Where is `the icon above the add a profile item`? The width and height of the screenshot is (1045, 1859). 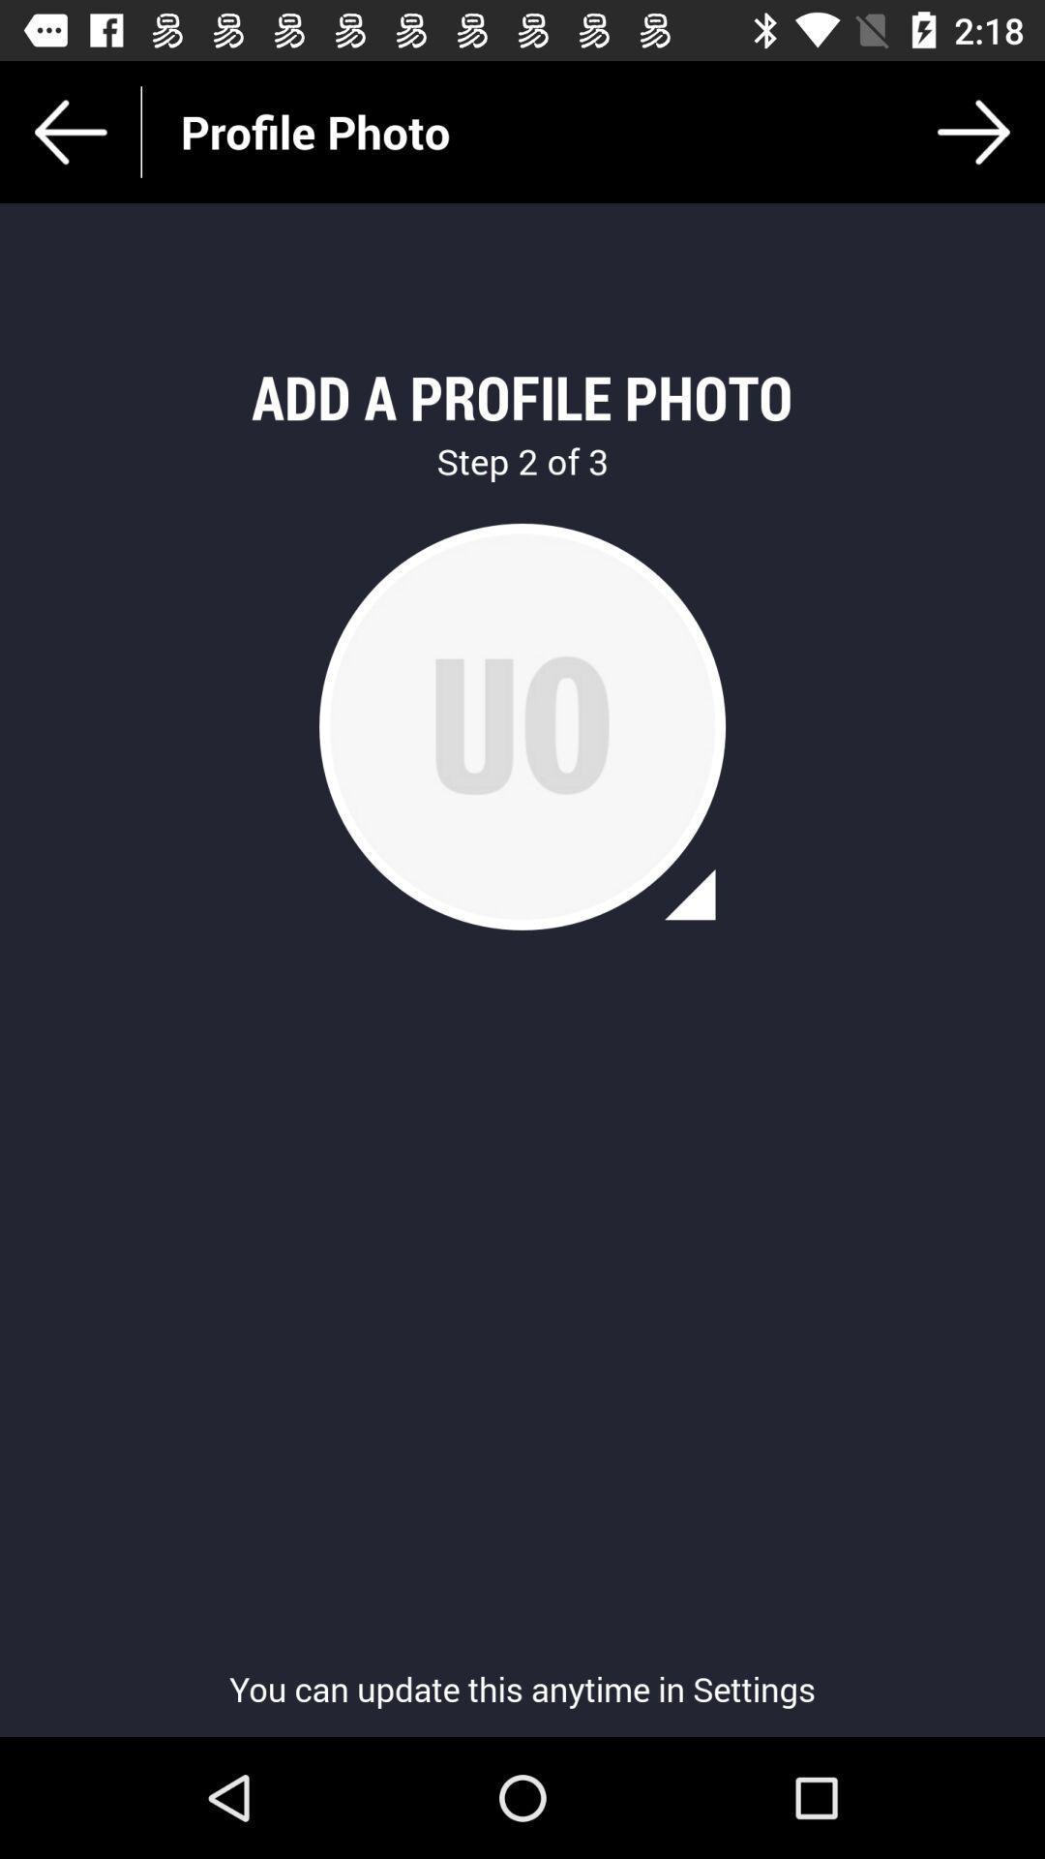
the icon above the add a profile item is located at coordinates (973, 131).